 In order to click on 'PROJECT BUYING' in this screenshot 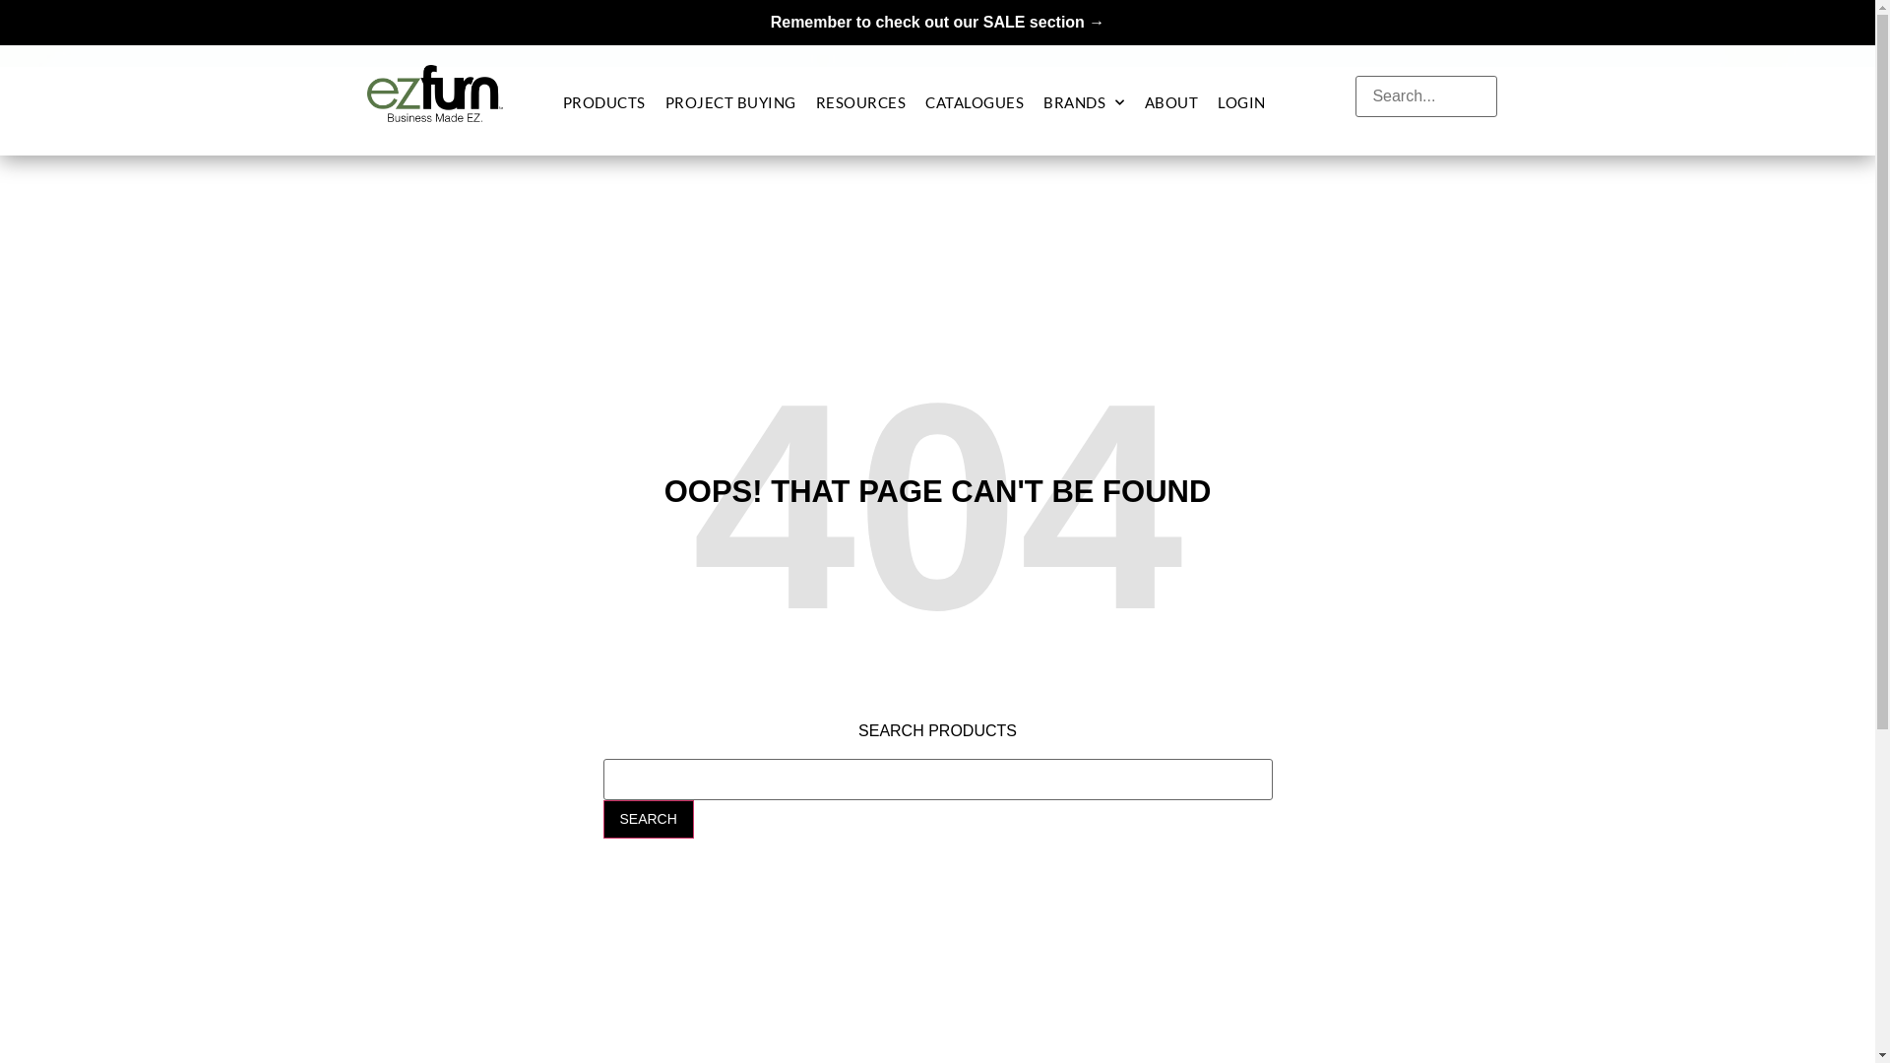, I will do `click(729, 102)`.